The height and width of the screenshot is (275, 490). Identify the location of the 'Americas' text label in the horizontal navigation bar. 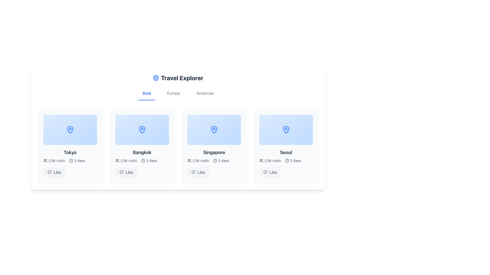
(205, 95).